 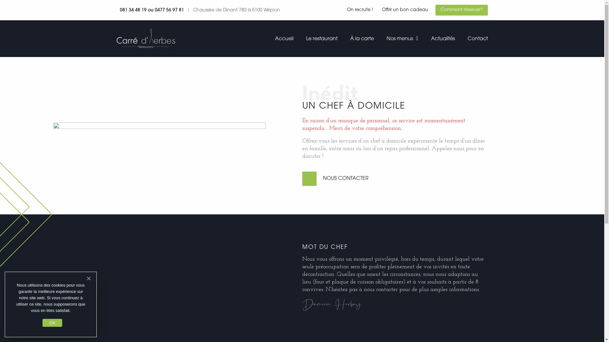 I want to click on 'On recrute !', so click(x=360, y=10).